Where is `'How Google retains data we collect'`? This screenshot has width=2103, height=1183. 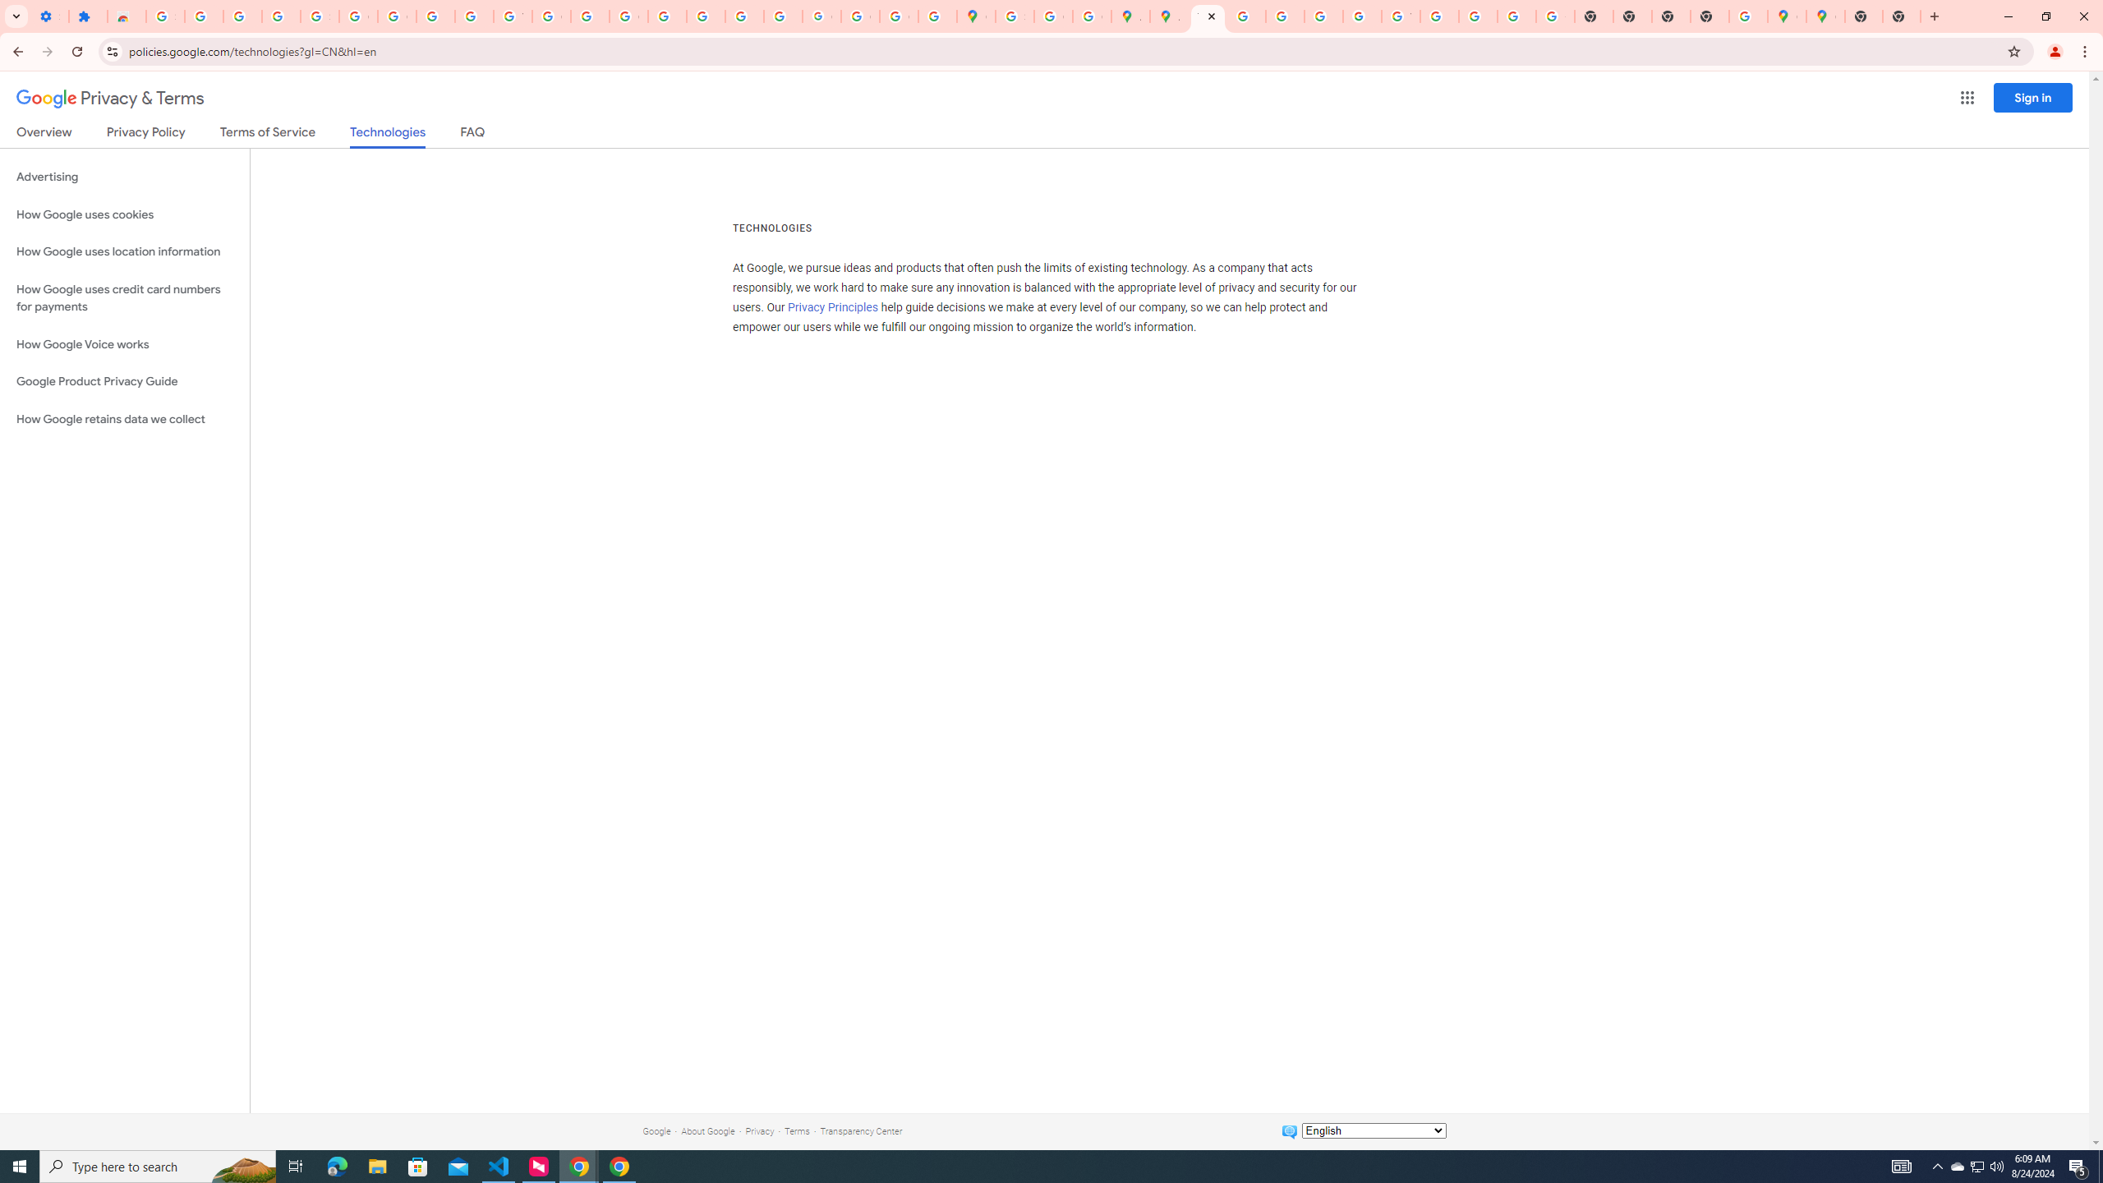
'How Google retains data we collect' is located at coordinates (124, 418).